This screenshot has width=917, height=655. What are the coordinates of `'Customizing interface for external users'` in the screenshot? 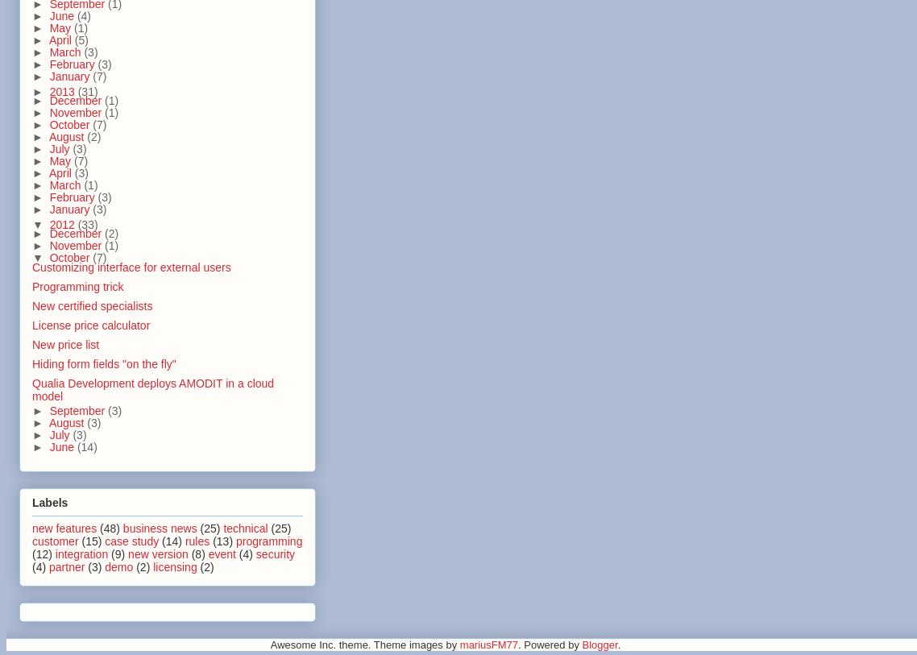 It's located at (131, 265).